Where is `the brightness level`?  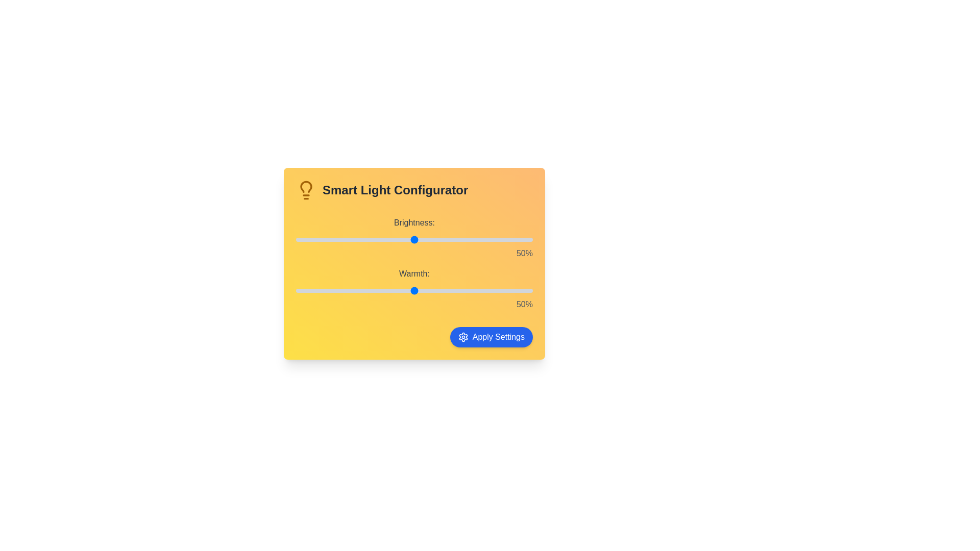 the brightness level is located at coordinates (433, 240).